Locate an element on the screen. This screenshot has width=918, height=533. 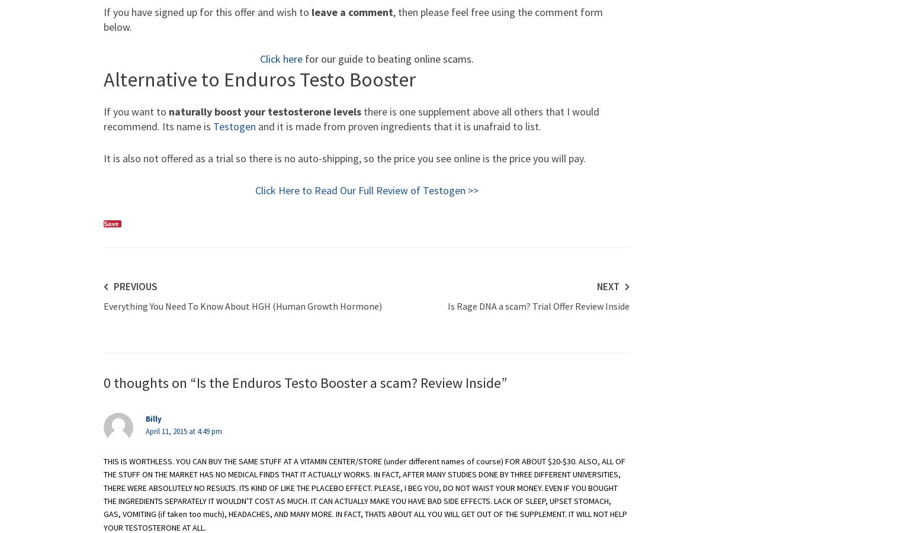
'If you want to' is located at coordinates (102, 111).